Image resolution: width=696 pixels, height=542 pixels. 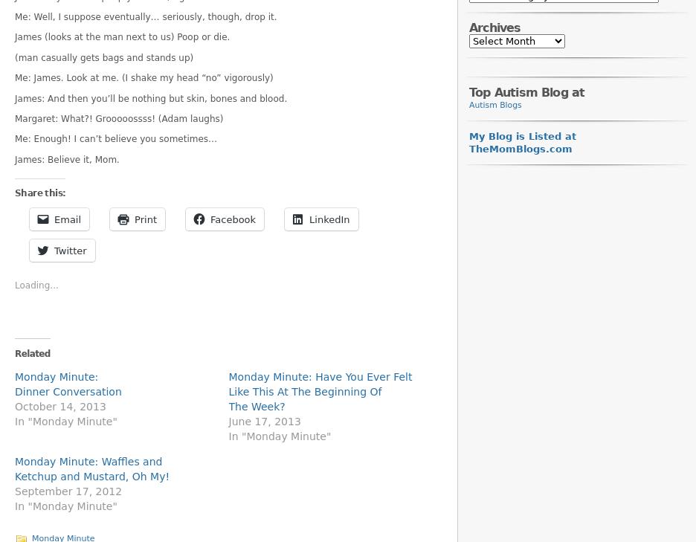 I want to click on 'LinkedIn', so click(x=329, y=218).